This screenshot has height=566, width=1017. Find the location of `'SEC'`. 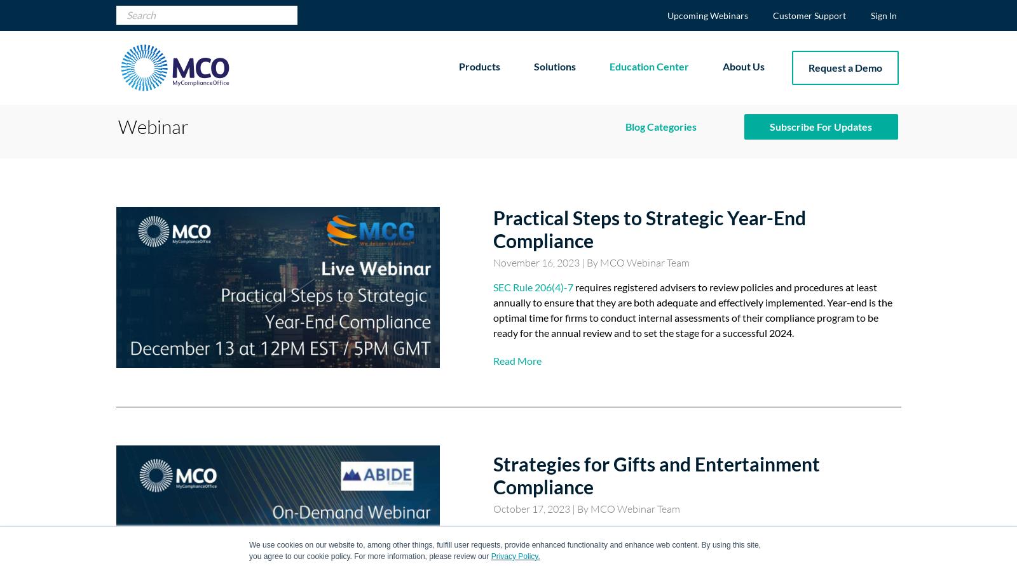

'SEC' is located at coordinates (625, 154).